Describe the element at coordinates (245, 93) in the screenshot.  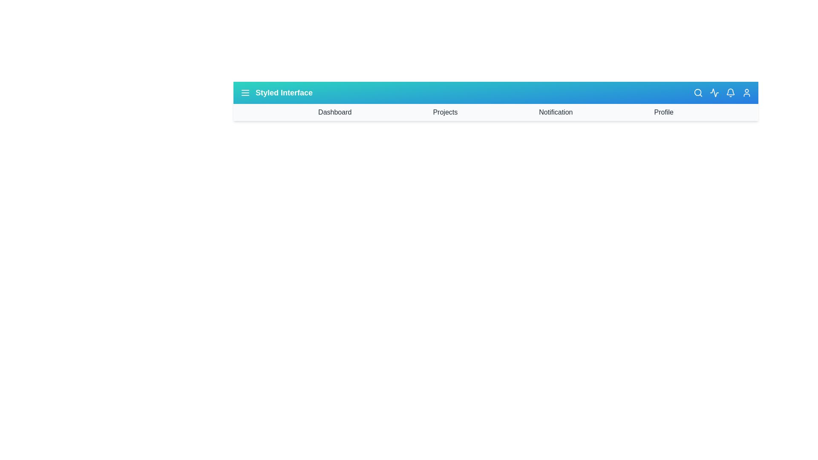
I see `the menu icon to toggle the menu visibility` at that location.